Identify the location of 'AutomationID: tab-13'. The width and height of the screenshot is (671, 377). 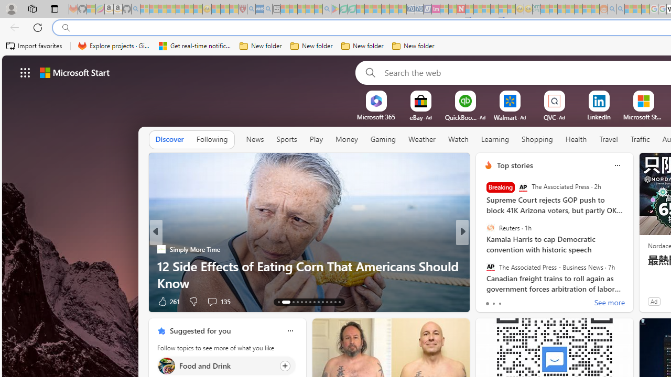
(278, 302).